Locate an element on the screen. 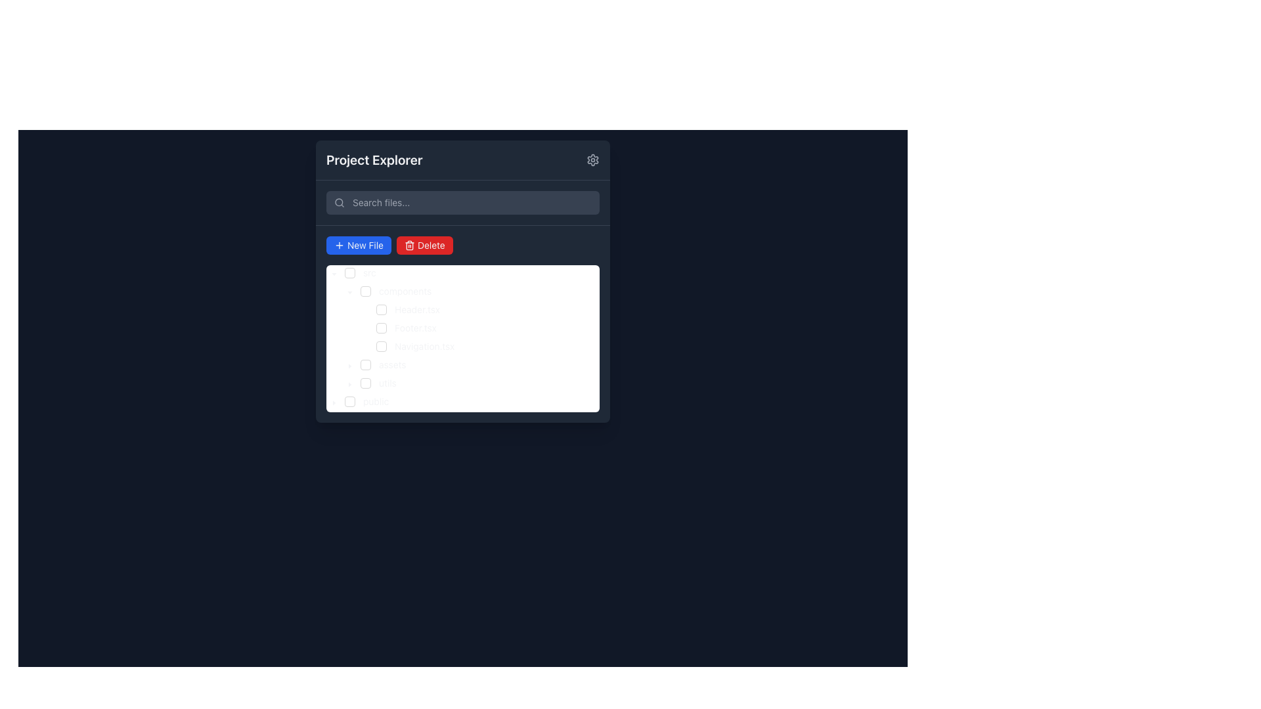 This screenshot has height=709, width=1261. the search icon located inside the search bar at the top of the 'Project Explorer' interface, which indicates the search functionality of the adjacent input field is located at coordinates (340, 202).